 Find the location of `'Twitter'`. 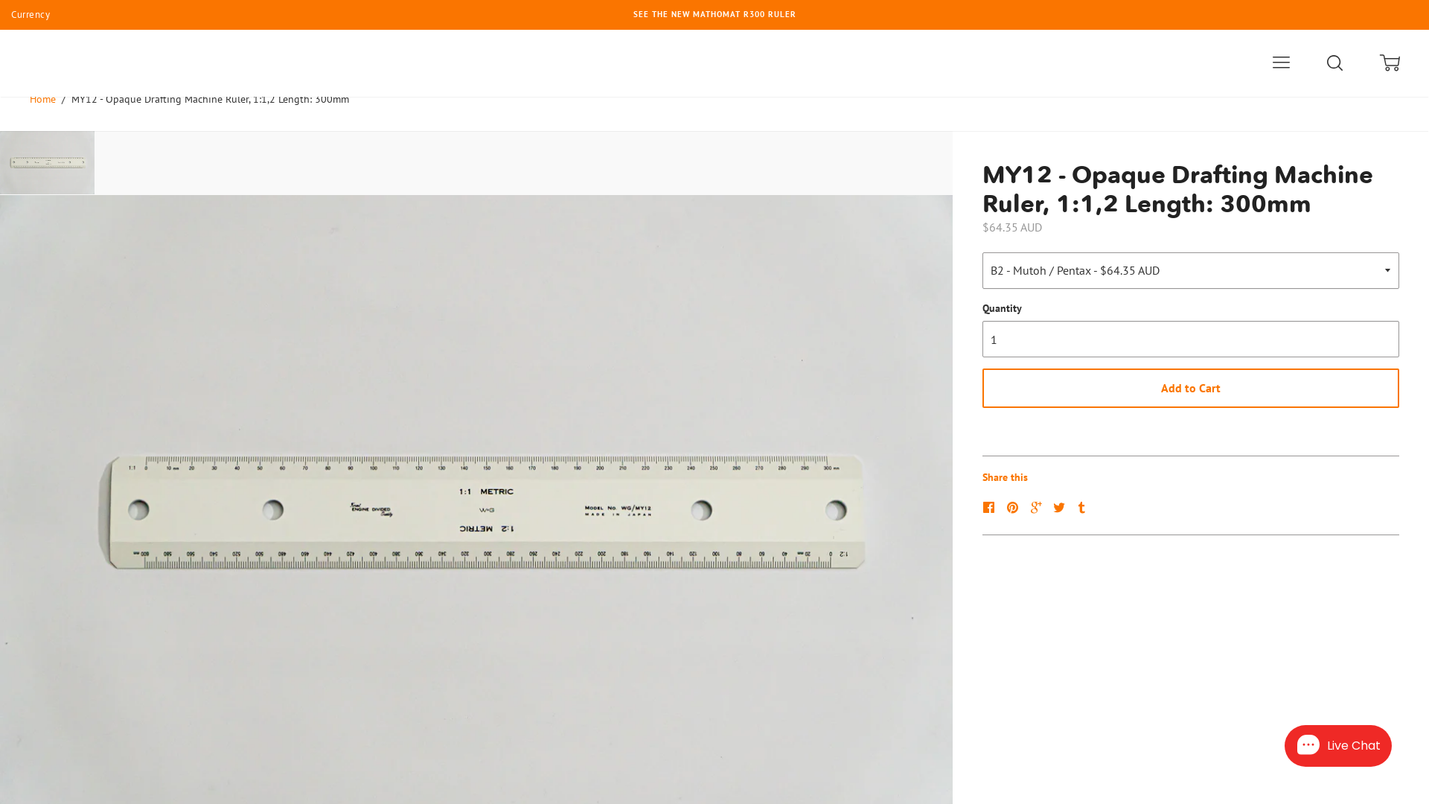

'Twitter' is located at coordinates (1060, 507).